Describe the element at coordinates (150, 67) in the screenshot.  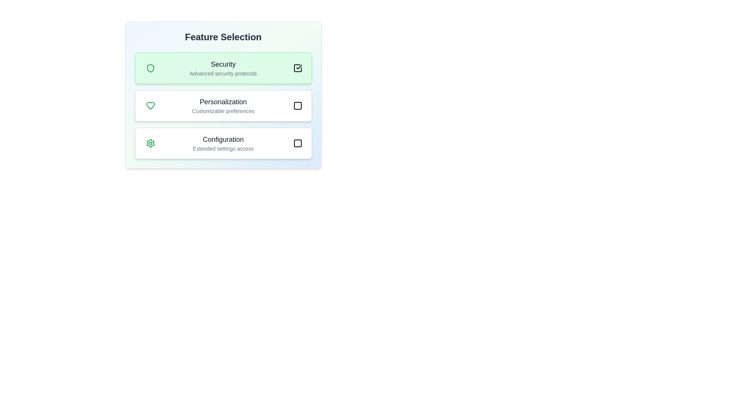
I see `the shield-shaped icon with a green outline and white background, located to the left of the 'Security' list item` at that location.